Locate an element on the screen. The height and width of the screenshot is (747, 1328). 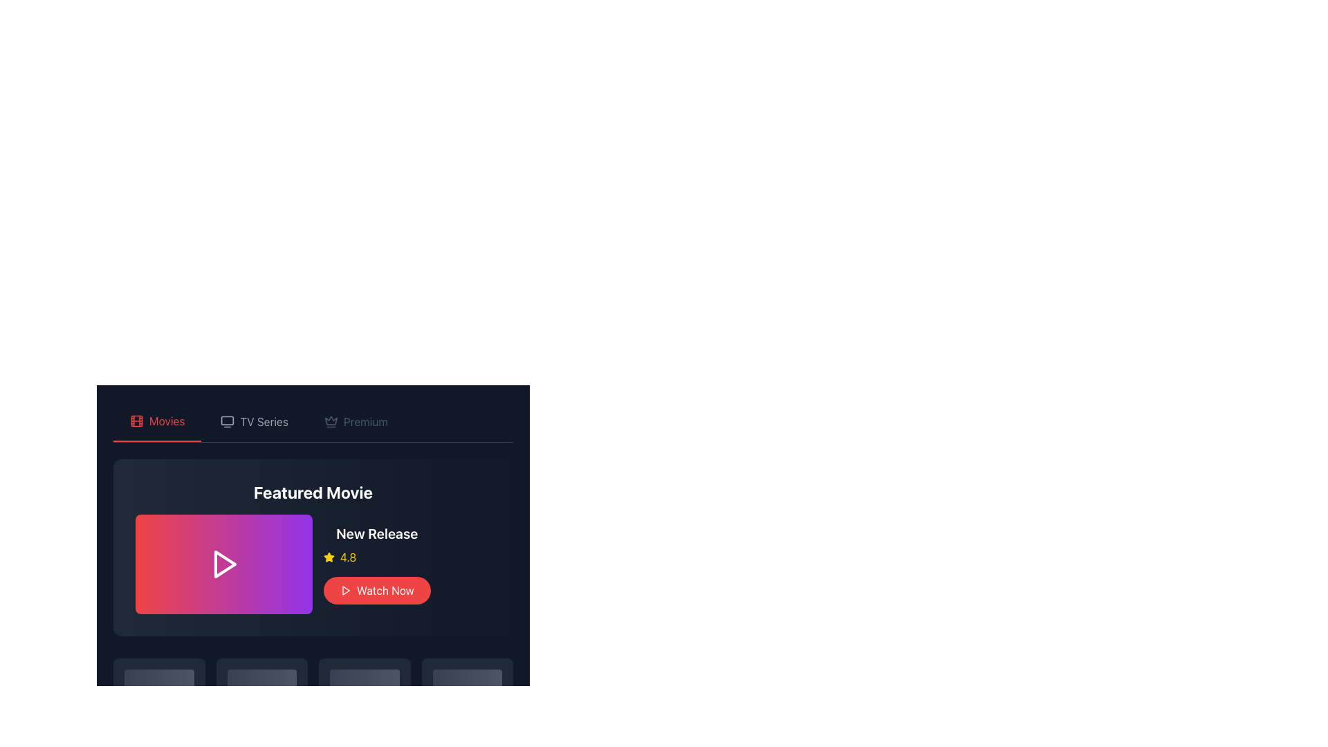
the rating value represented by the star icon located in the rating section below the 'Featured Movie' heading is located at coordinates (328, 556).